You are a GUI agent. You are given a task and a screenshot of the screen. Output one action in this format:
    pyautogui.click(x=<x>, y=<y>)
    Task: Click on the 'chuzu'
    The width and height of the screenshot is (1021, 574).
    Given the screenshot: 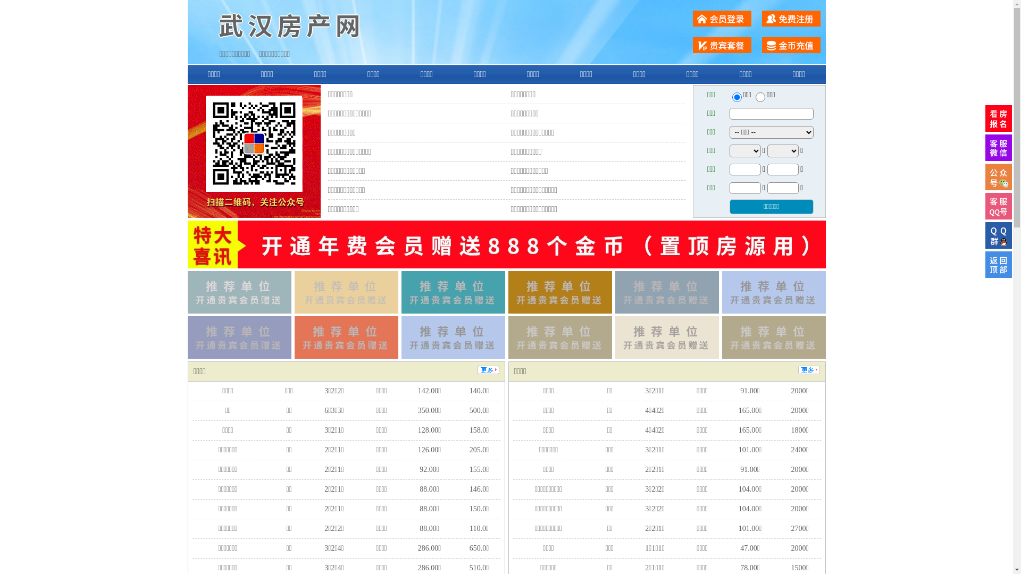 What is the action you would take?
    pyautogui.click(x=760, y=97)
    